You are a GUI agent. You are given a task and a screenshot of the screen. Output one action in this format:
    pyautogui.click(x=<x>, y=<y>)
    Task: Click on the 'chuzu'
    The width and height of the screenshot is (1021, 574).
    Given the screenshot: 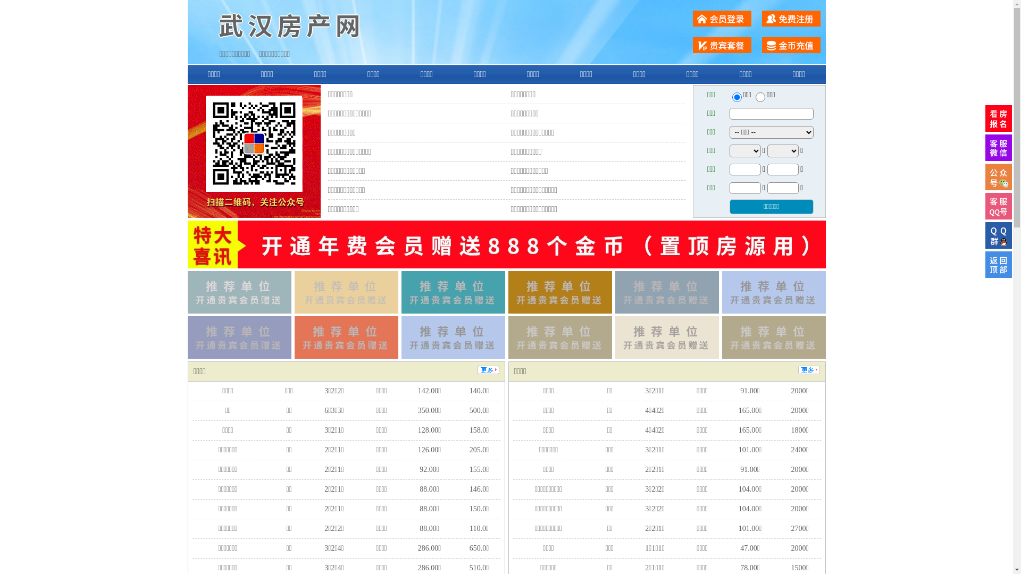 What is the action you would take?
    pyautogui.click(x=760, y=97)
    